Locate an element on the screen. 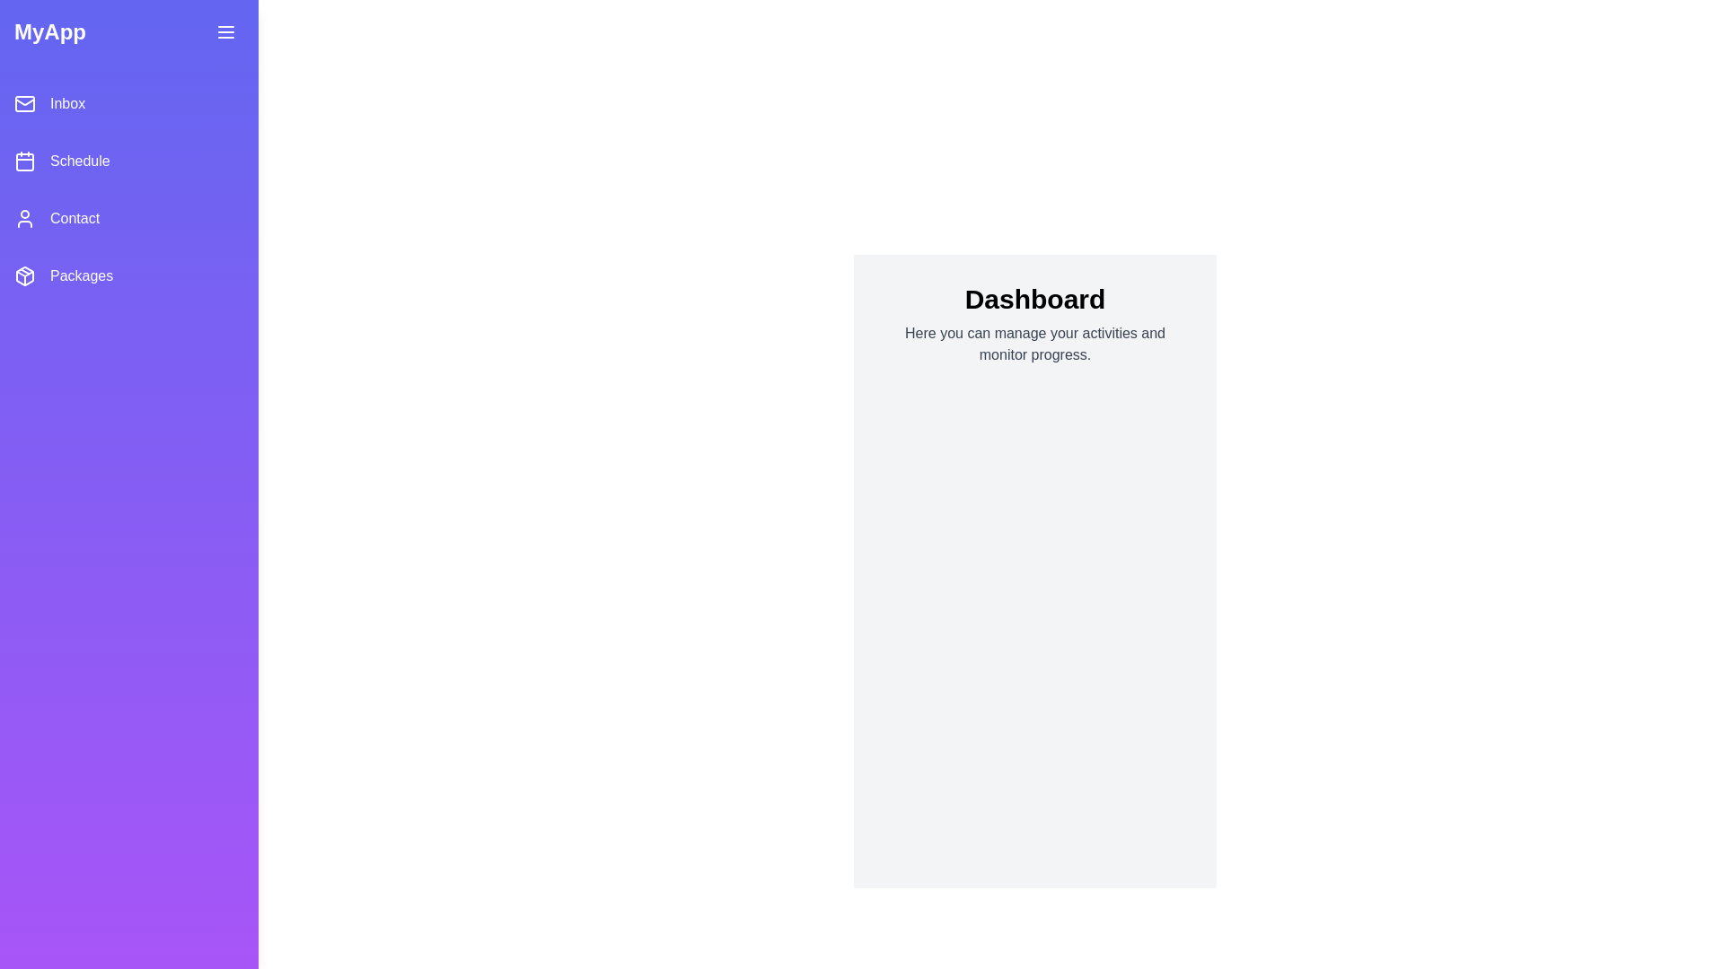  the toggle button to toggle the drawer visibility is located at coordinates (225, 31).